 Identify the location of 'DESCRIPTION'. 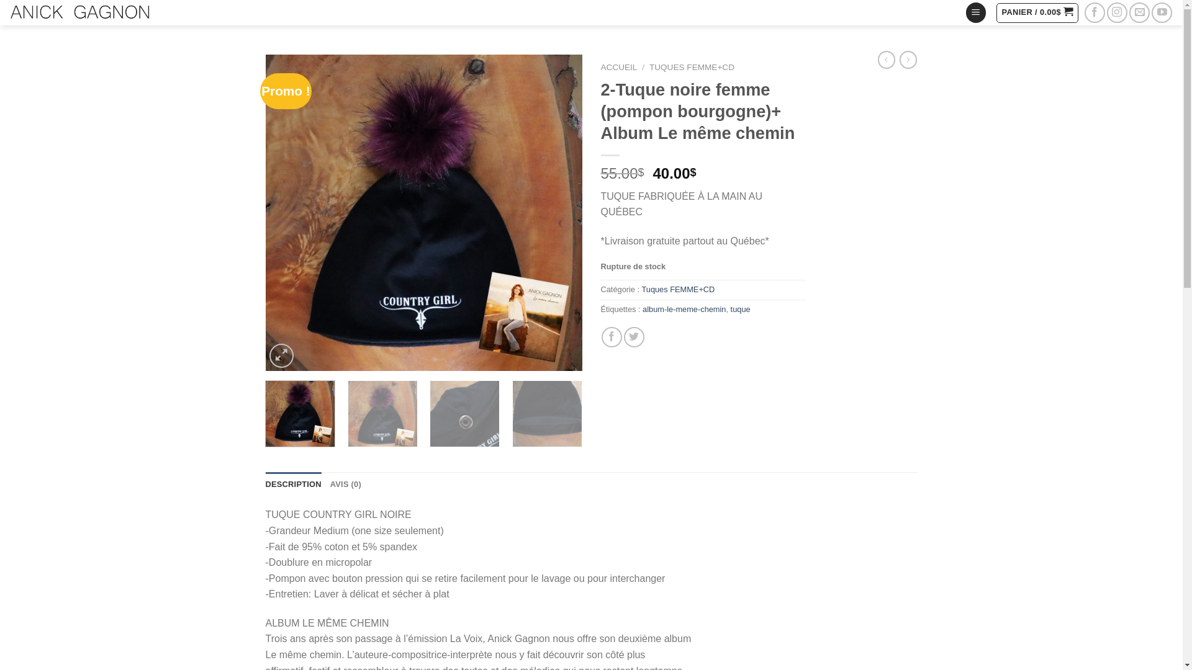
(293, 483).